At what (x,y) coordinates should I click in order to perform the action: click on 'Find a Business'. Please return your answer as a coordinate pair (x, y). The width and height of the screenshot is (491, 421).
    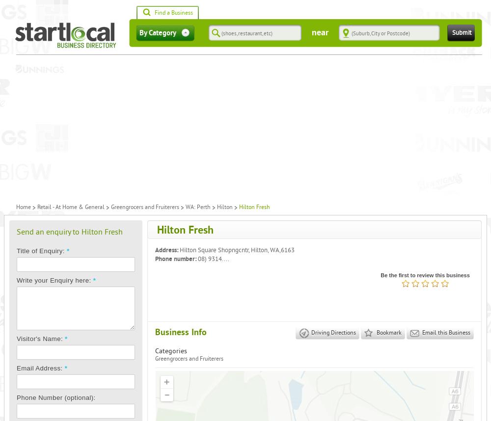
    Looking at the image, I should click on (173, 13).